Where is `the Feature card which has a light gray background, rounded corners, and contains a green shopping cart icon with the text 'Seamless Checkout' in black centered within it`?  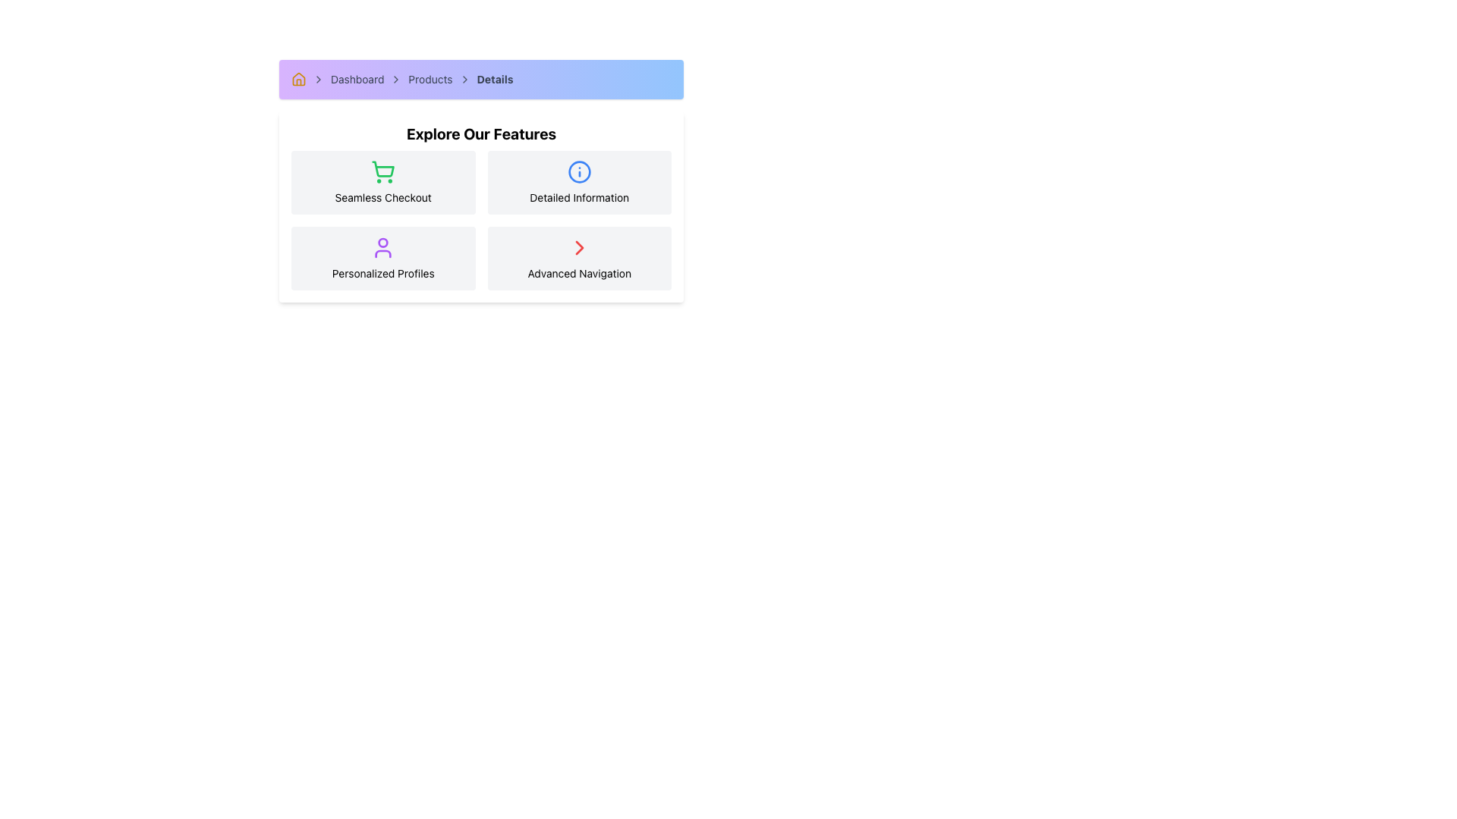
the Feature card which has a light gray background, rounded corners, and contains a green shopping cart icon with the text 'Seamless Checkout' in black centered within it is located at coordinates (383, 181).